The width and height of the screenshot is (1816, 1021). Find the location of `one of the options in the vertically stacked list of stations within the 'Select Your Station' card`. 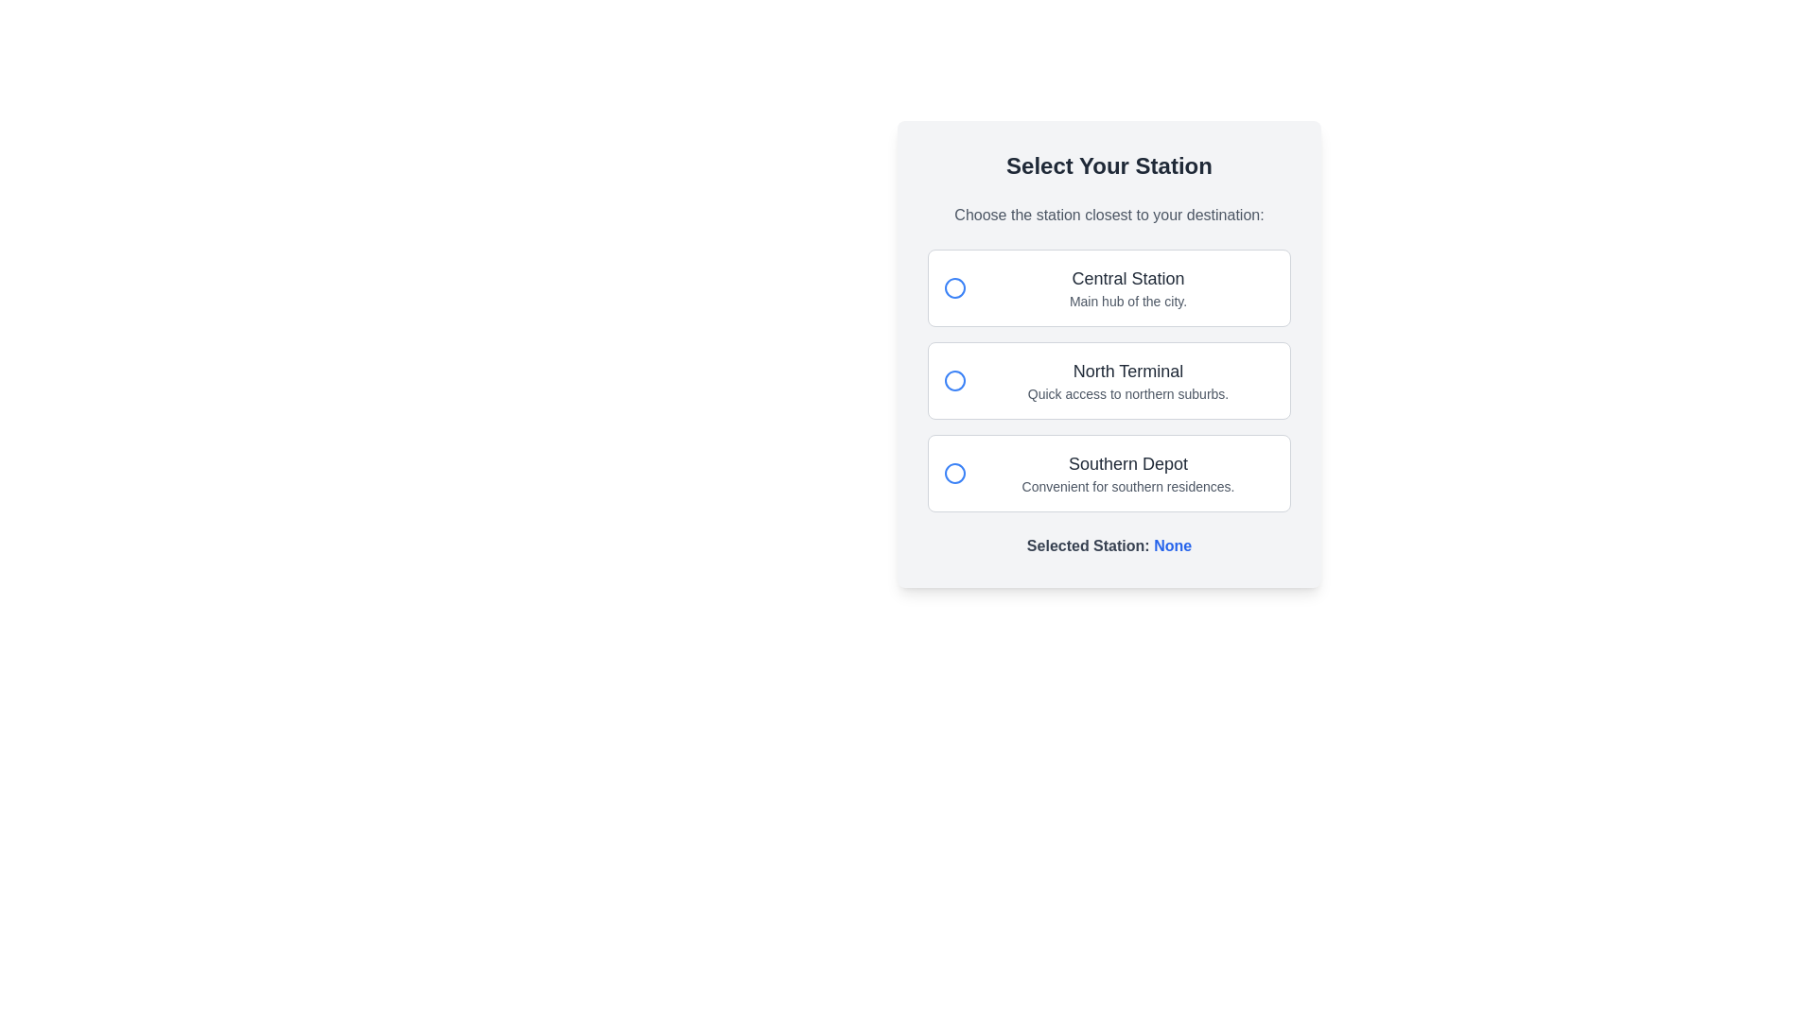

one of the options in the vertically stacked list of stations within the 'Select Your Station' card is located at coordinates (1109, 380).